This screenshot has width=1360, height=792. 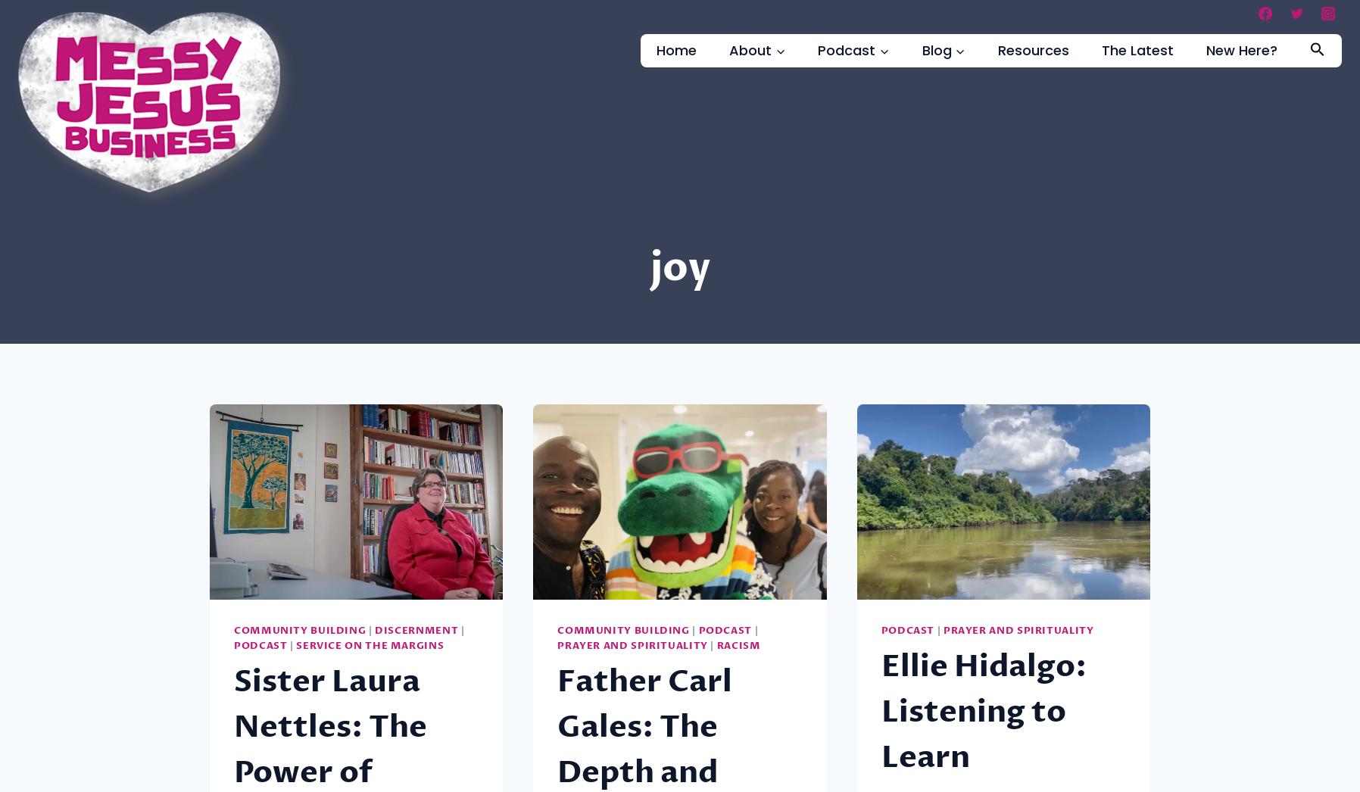 I want to click on 'Discernment', so click(x=373, y=631).